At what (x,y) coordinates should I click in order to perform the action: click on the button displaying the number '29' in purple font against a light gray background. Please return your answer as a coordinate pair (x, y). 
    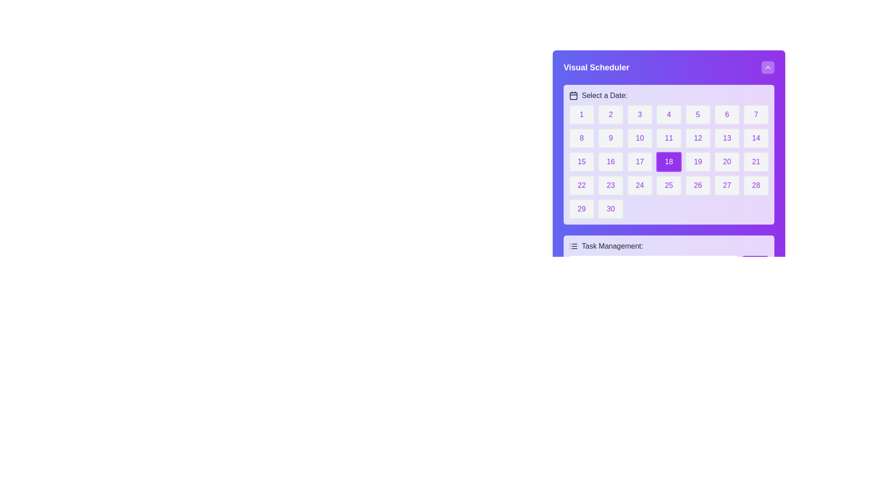
    Looking at the image, I should click on (582, 209).